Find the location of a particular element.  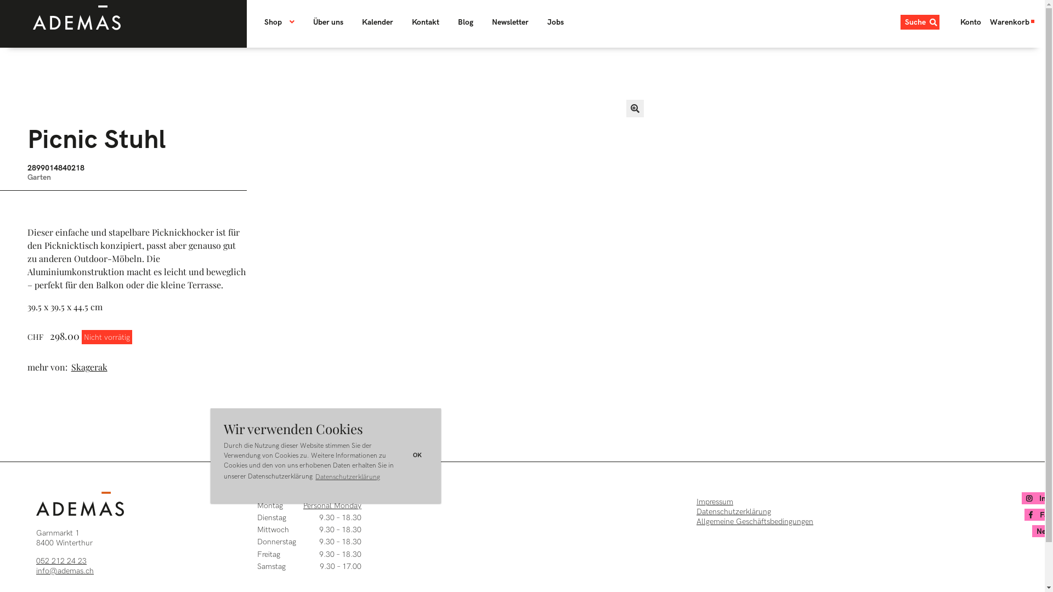

'052 212 24 23' is located at coordinates (60, 560).